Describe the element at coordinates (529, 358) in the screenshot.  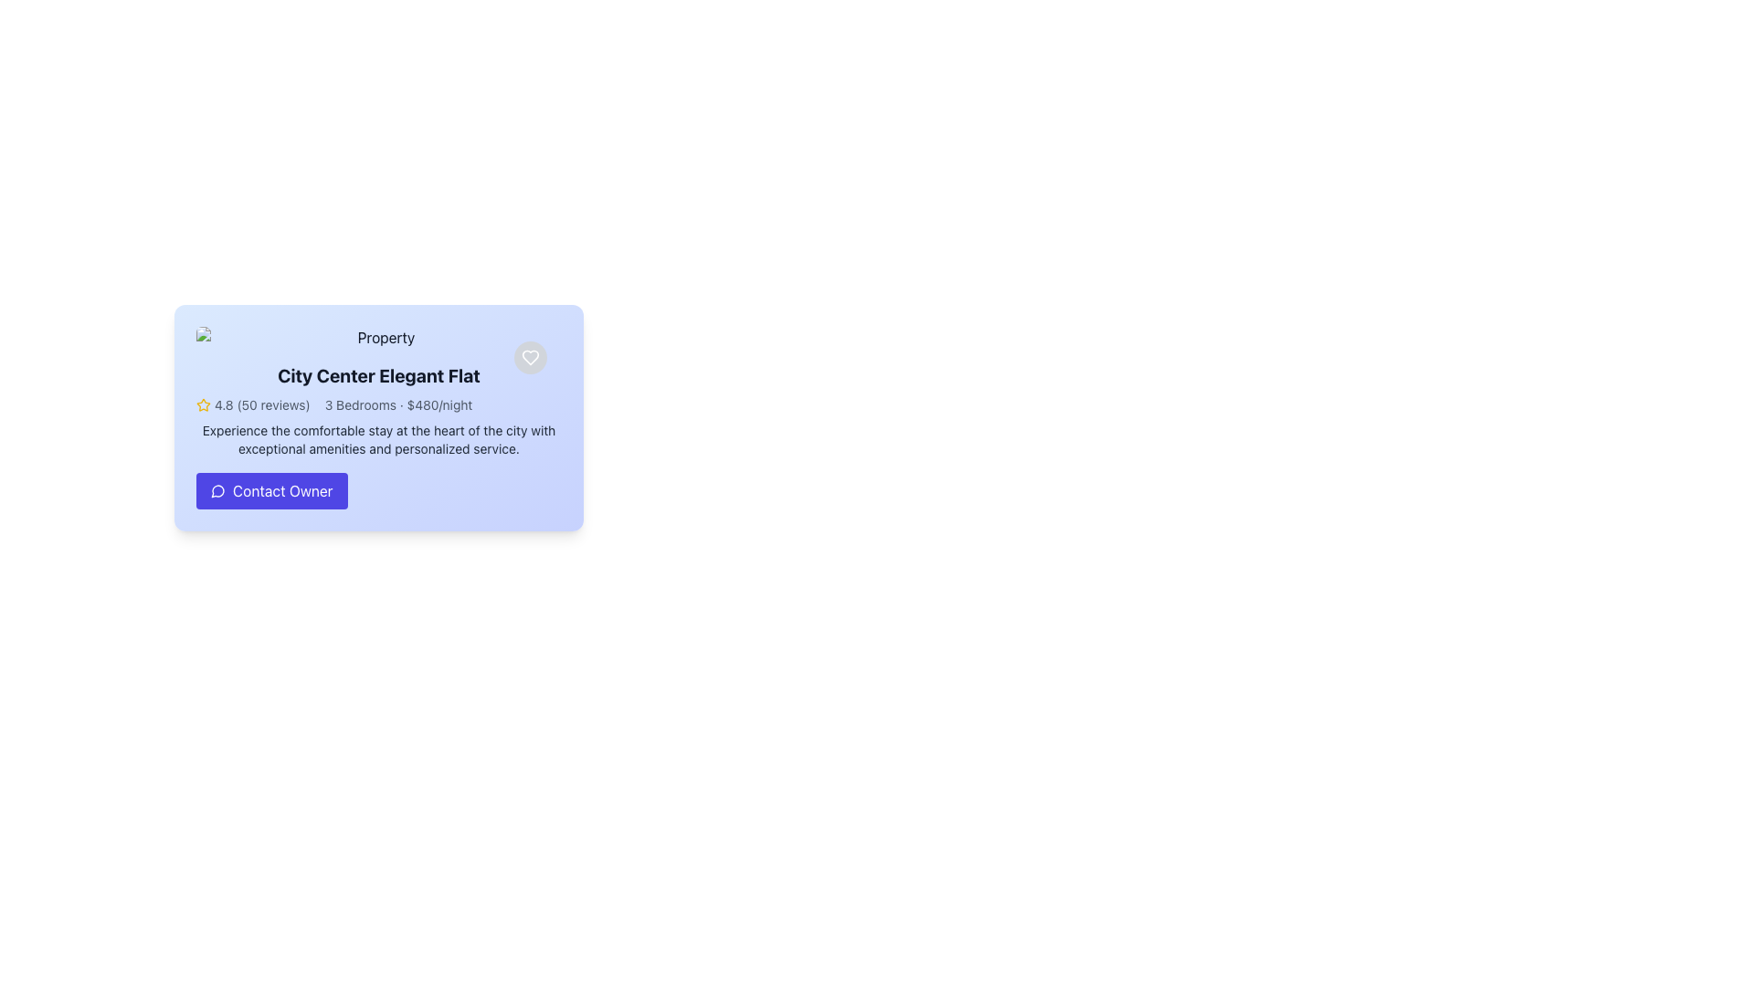
I see `the favorite icon located in the top-right of the property listing card near the title 'City Center Elegant Flat' to mark it as a favorite` at that location.